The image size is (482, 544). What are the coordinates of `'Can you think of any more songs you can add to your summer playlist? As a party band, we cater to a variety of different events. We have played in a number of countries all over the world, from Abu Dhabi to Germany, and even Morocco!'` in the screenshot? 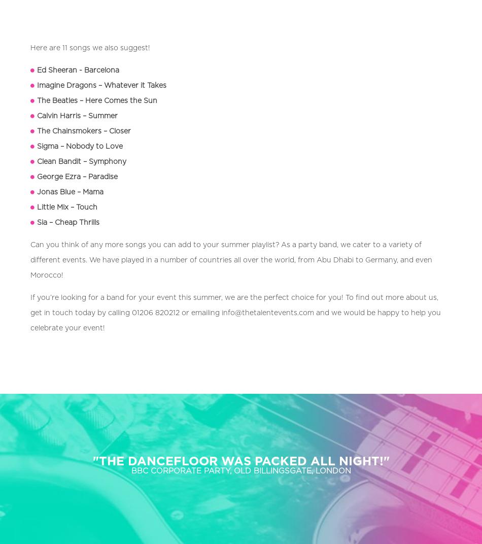 It's located at (231, 260).